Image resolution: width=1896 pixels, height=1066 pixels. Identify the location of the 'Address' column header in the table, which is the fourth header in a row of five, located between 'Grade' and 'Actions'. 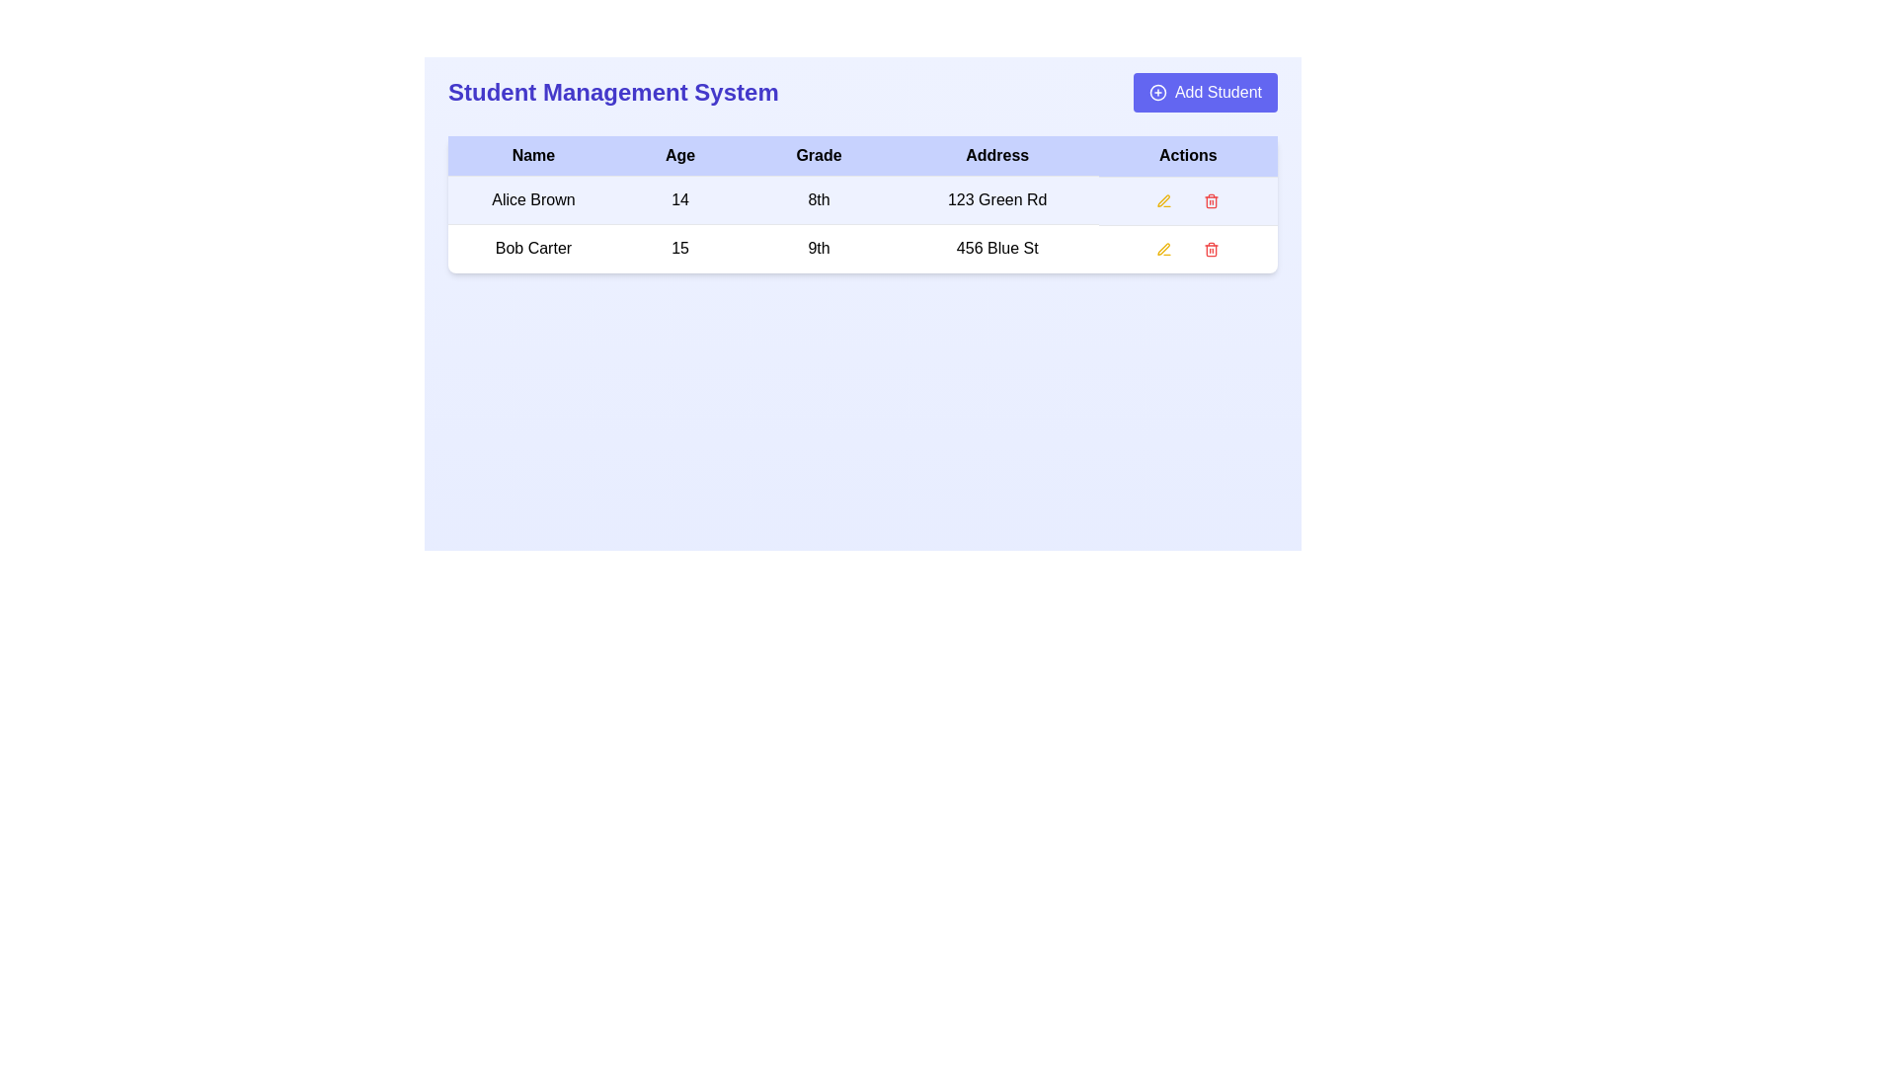
(997, 155).